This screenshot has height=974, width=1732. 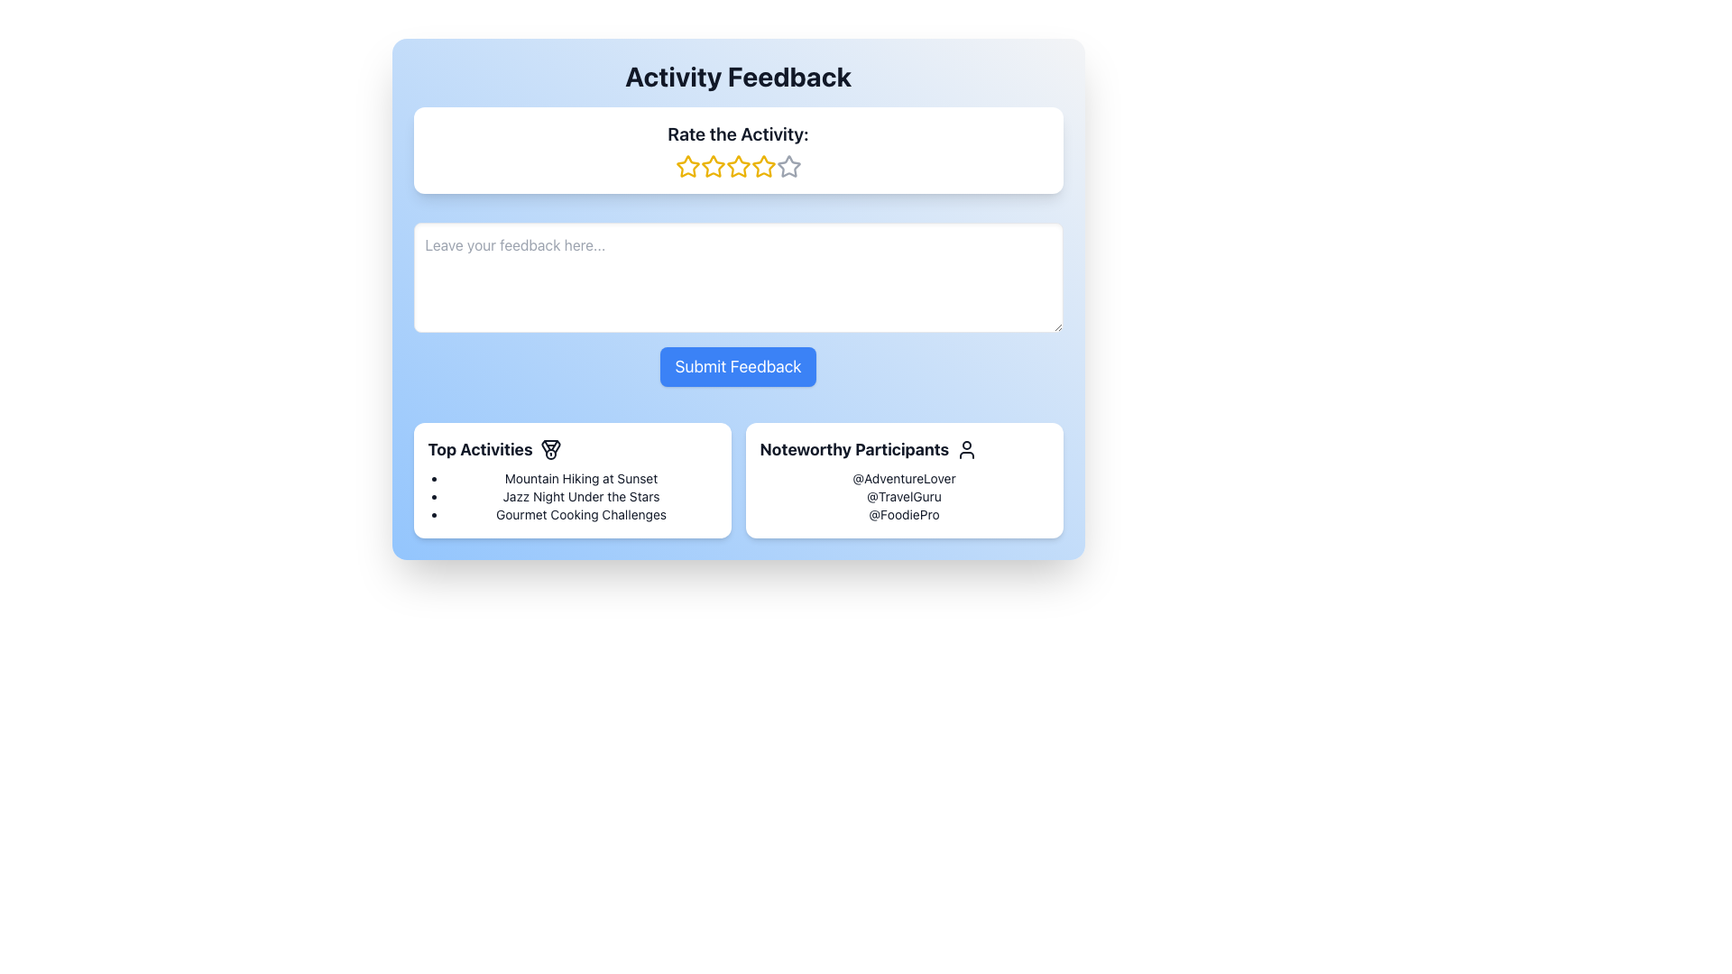 What do you see at coordinates (904, 497) in the screenshot?
I see `textual list containing usernames '@AdventureLover', '@TravelGuru', and '@FoodiePro' located under the heading 'Noteworthy Participants' in the bottom-right corner of the interface` at bounding box center [904, 497].